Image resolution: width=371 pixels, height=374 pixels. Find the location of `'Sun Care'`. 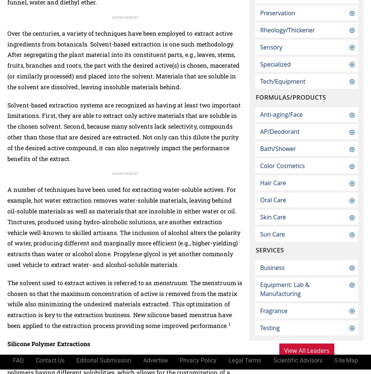

'Sun Care' is located at coordinates (272, 234).